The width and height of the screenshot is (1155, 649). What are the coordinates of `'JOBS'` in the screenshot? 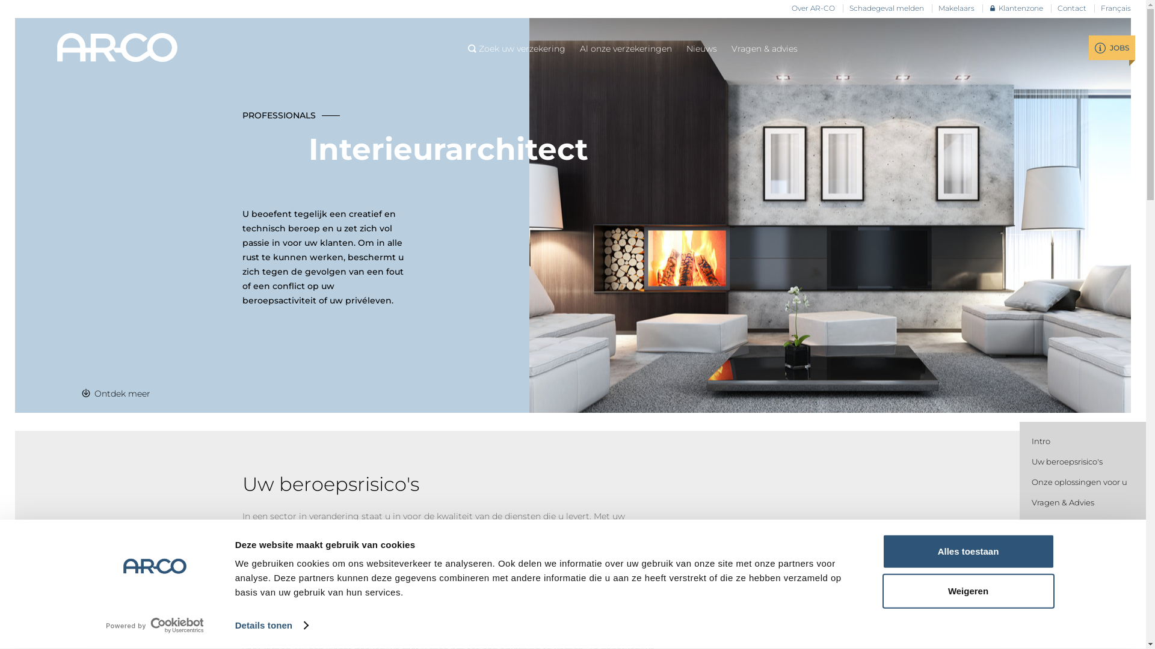 It's located at (1111, 47).